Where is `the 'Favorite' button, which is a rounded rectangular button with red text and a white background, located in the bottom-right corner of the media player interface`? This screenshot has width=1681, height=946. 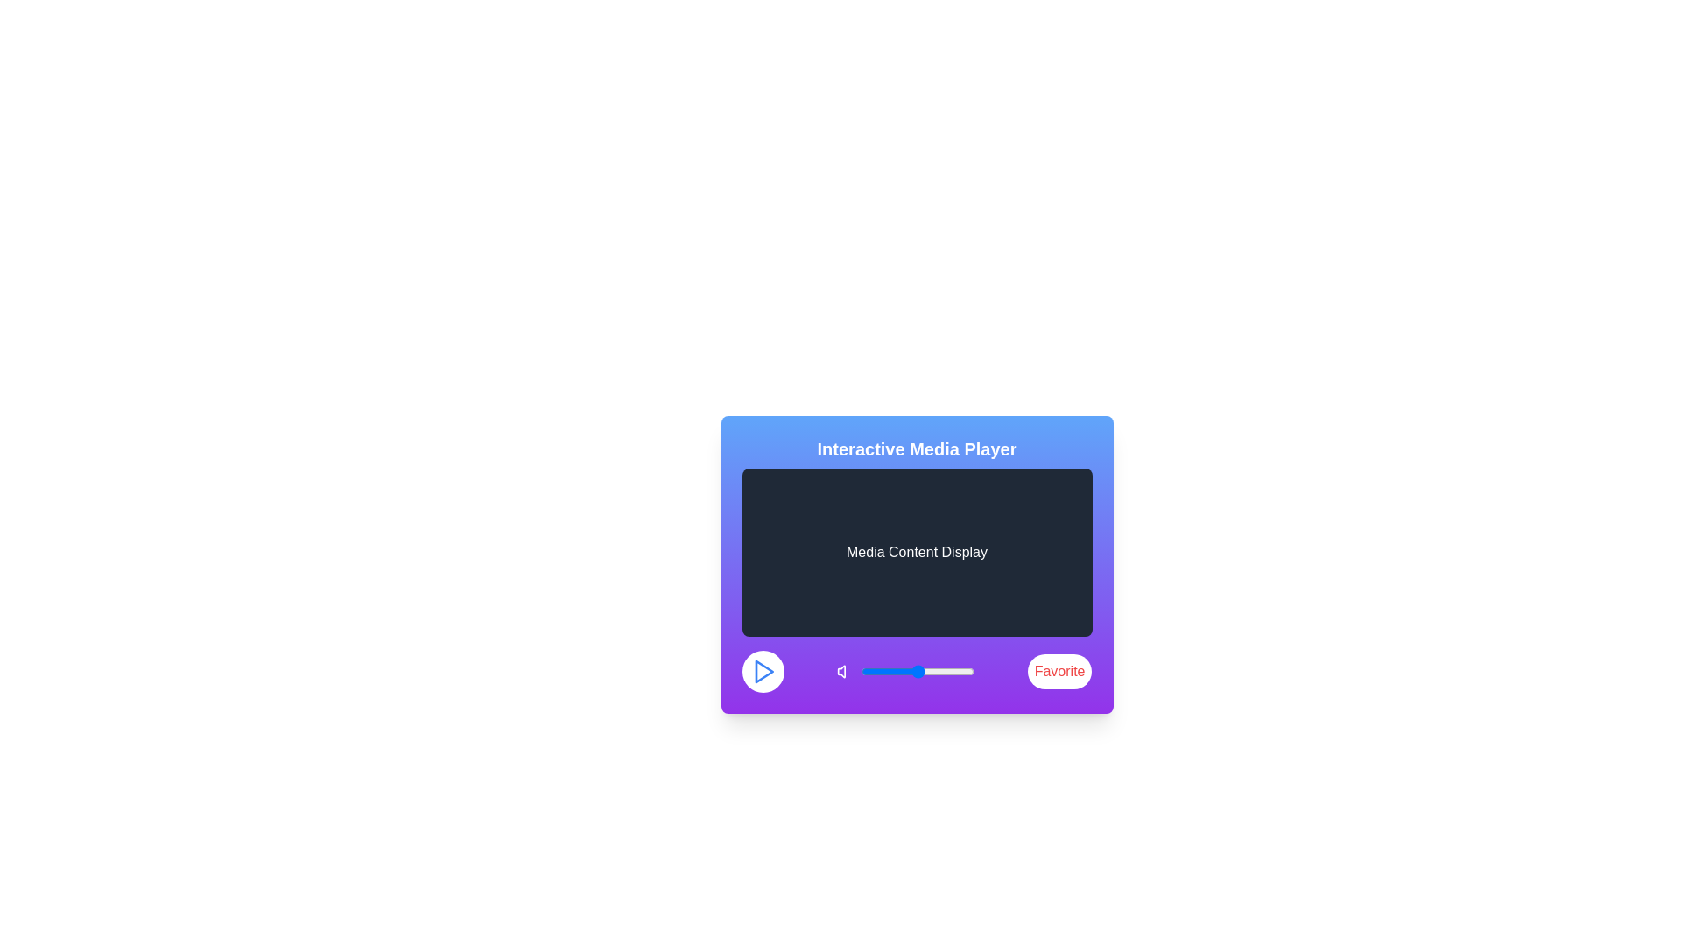 the 'Favorite' button, which is a rounded rectangular button with red text and a white background, located in the bottom-right corner of the media player interface is located at coordinates (1059, 671).